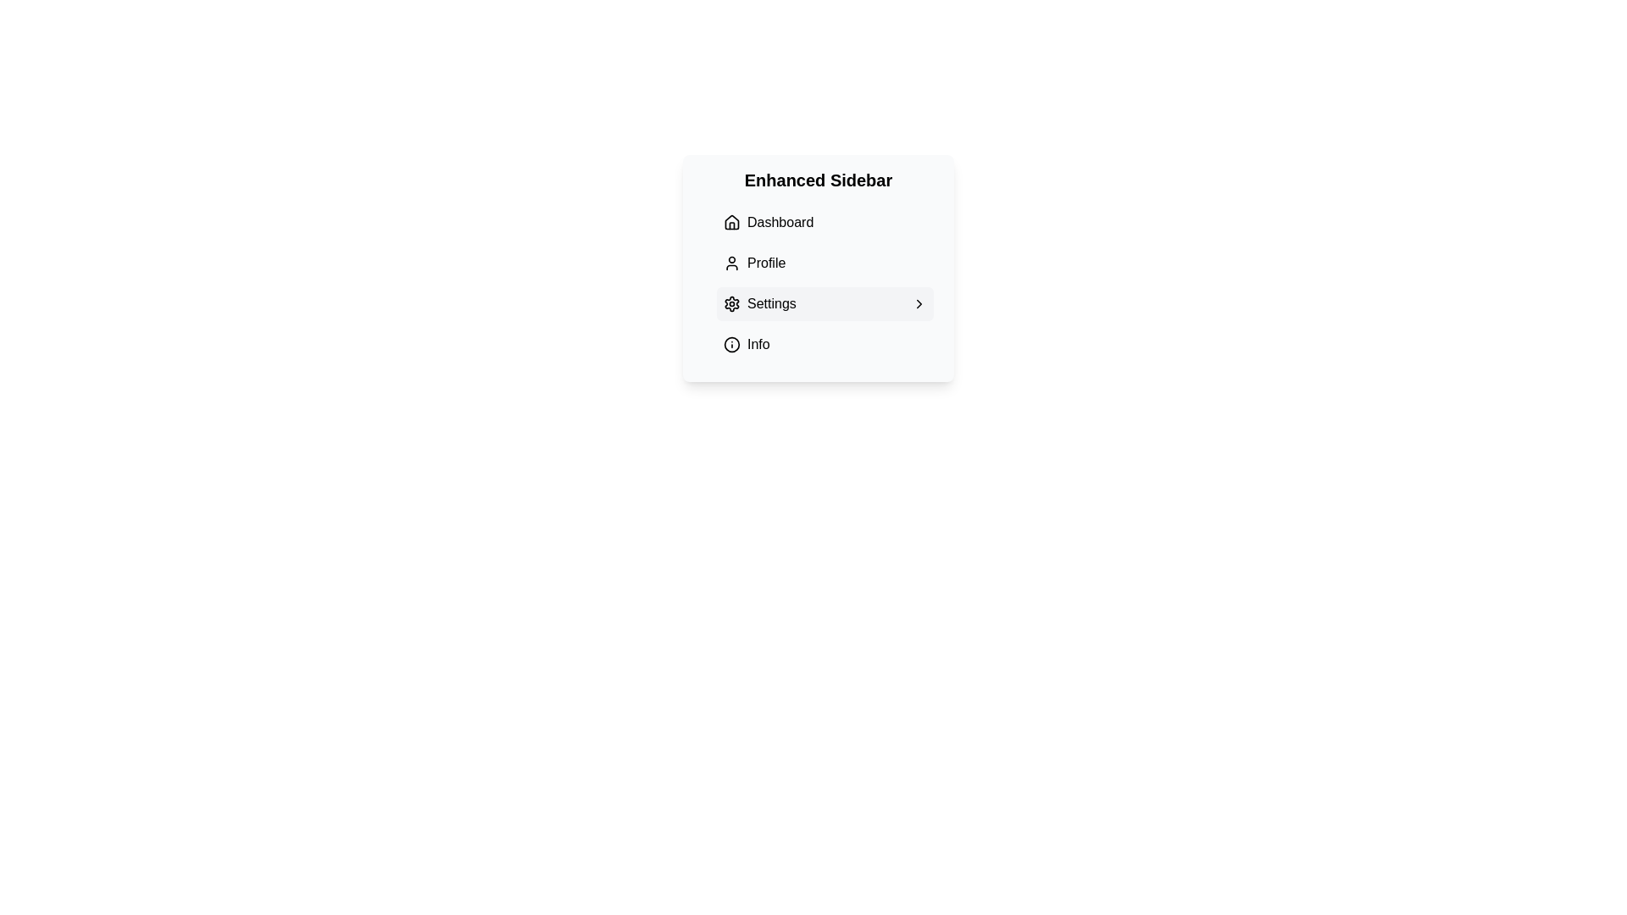  Describe the element at coordinates (825, 221) in the screenshot. I see `the 'Dashboard' navigational button in the sidebar menu` at that location.